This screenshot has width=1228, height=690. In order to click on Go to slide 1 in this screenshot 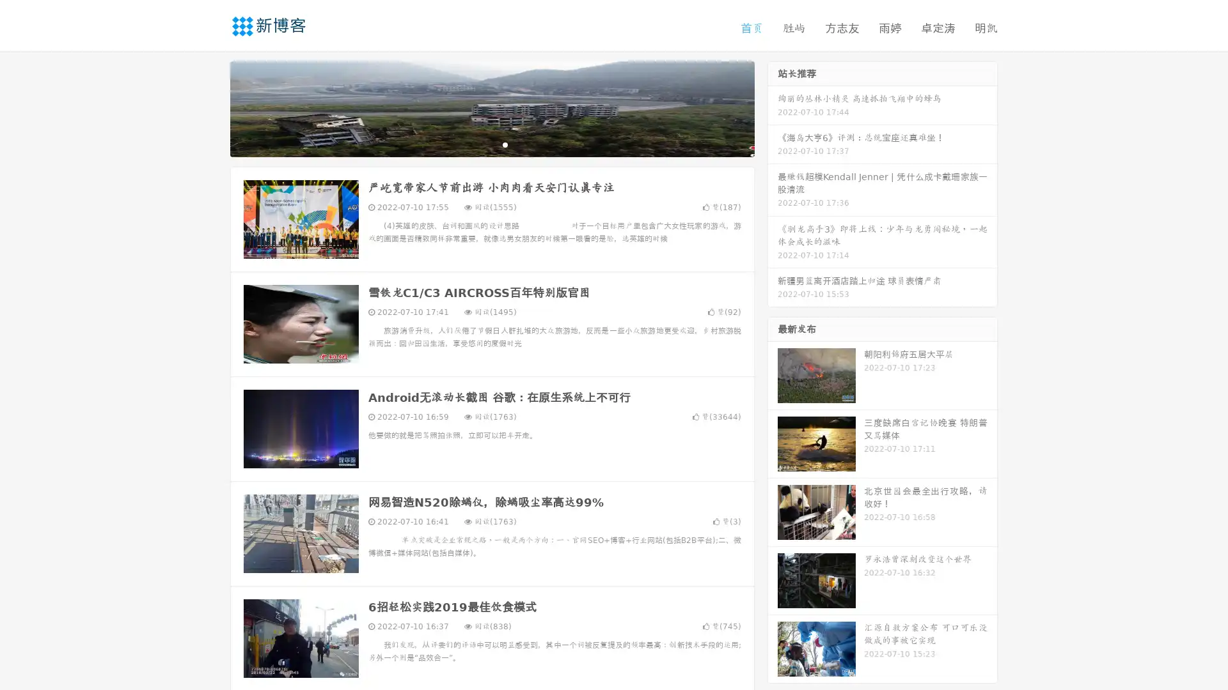, I will do `click(478, 144)`.